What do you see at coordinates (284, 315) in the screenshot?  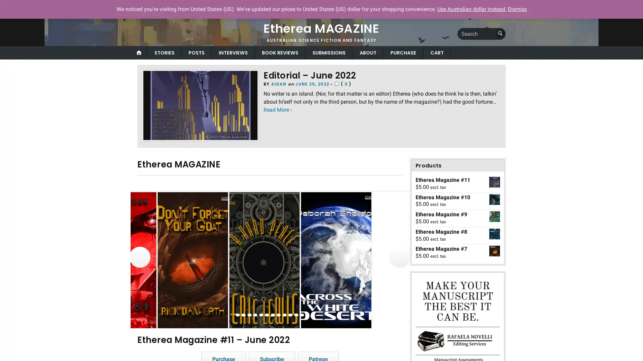 I see `view image 9 of 12 in carousel` at bounding box center [284, 315].